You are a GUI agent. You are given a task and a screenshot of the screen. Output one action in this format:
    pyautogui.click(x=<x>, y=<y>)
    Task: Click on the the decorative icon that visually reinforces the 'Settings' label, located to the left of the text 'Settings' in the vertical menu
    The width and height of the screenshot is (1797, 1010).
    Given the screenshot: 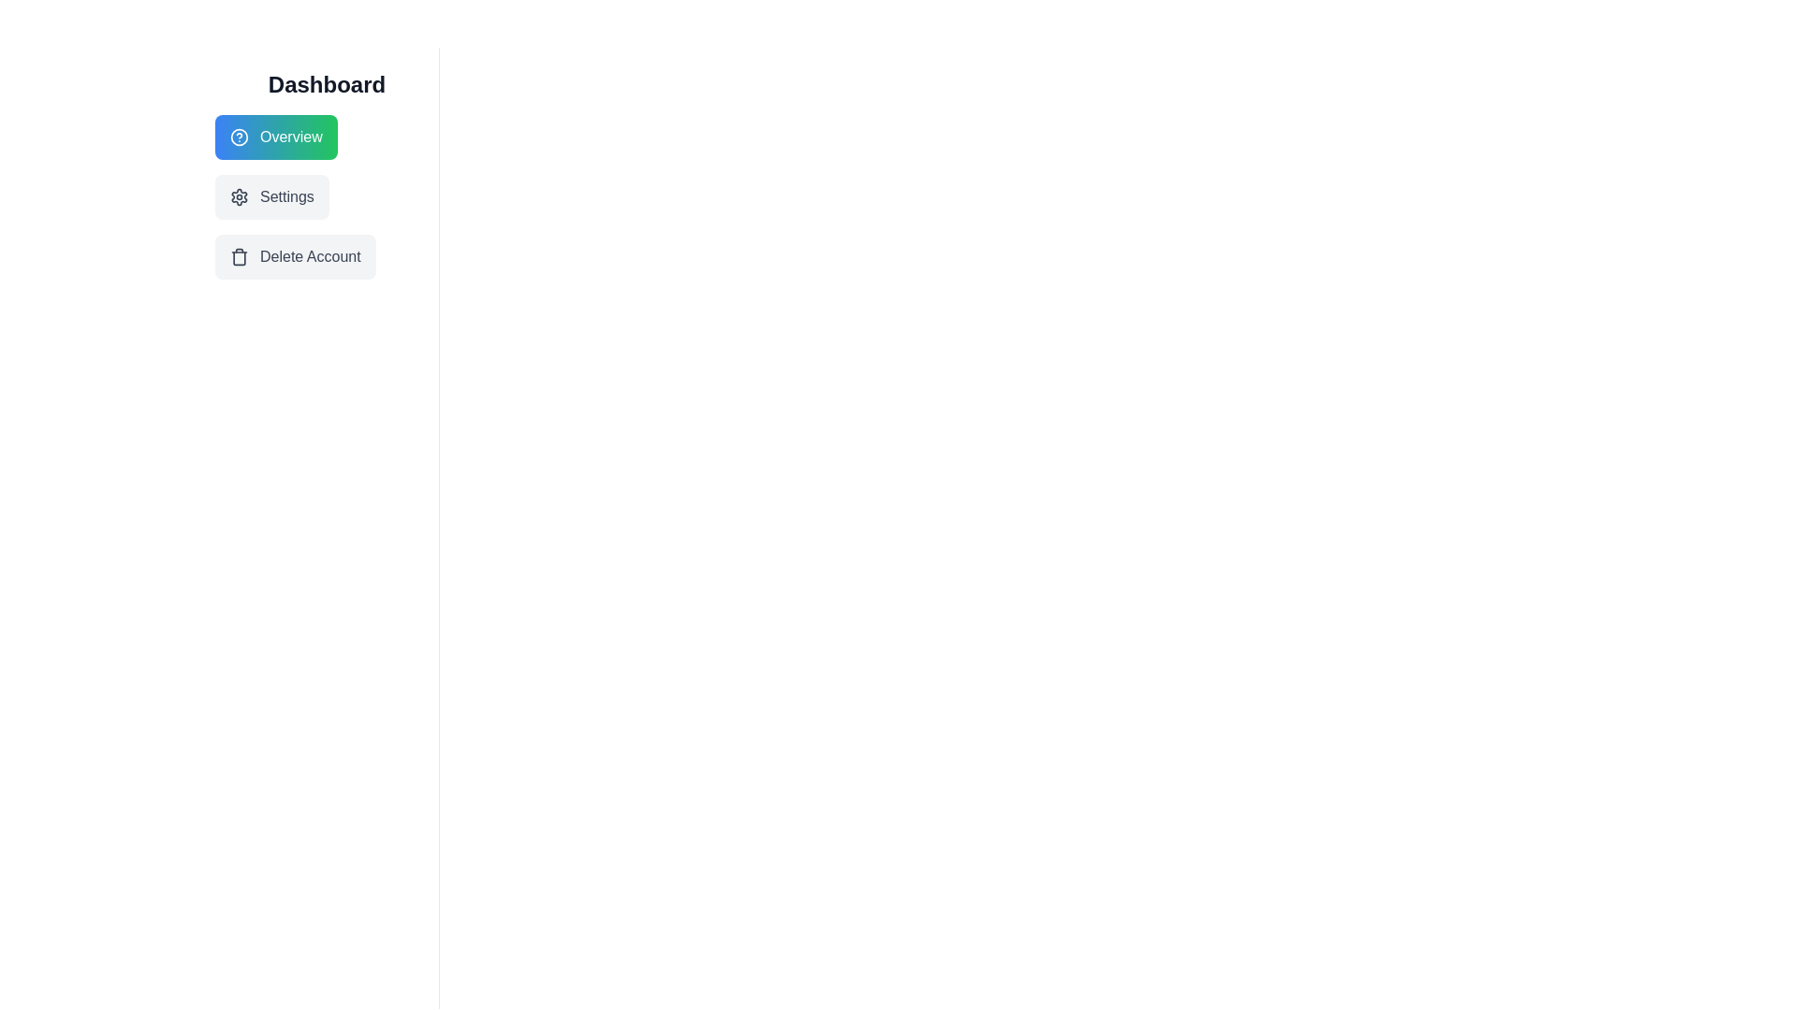 What is the action you would take?
    pyautogui.click(x=238, y=197)
    